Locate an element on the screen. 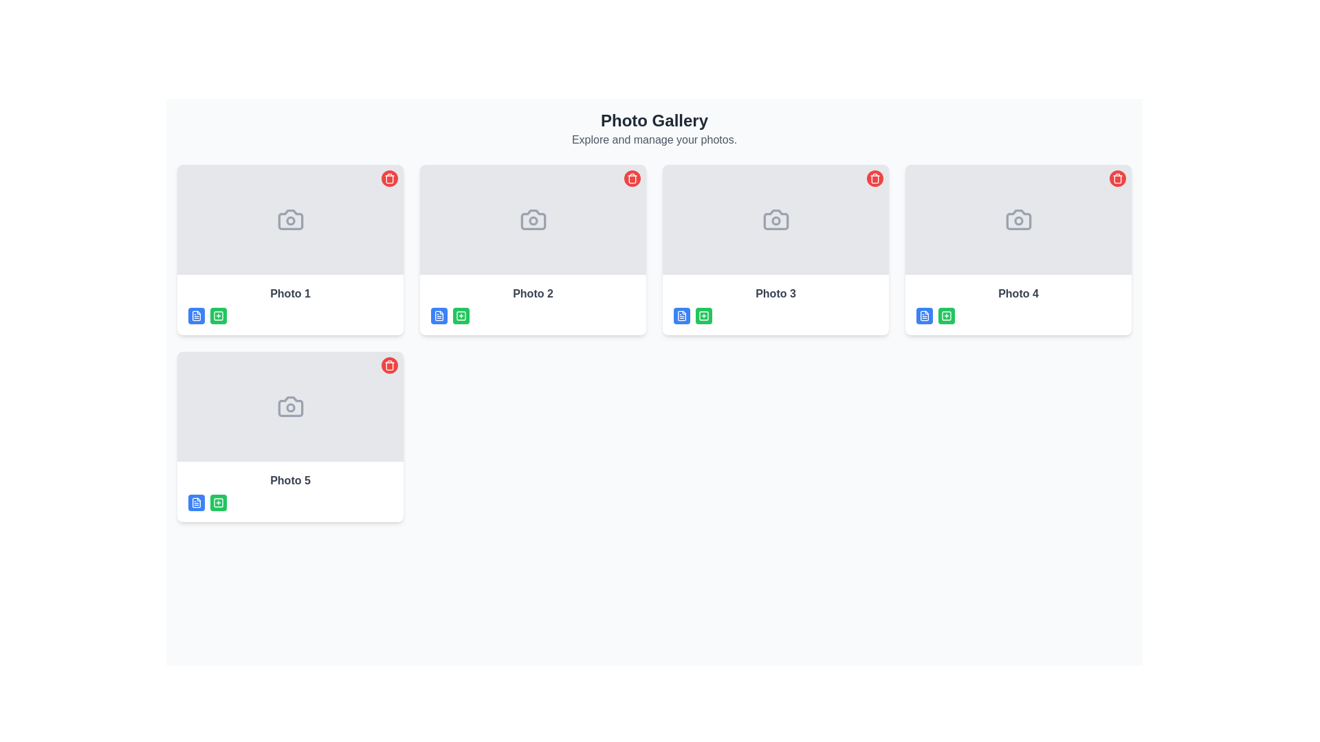 The image size is (1320, 742). the second button with an icon located under the fourth photo thumbnail labeled 'Photo 4' is located at coordinates (946, 315).